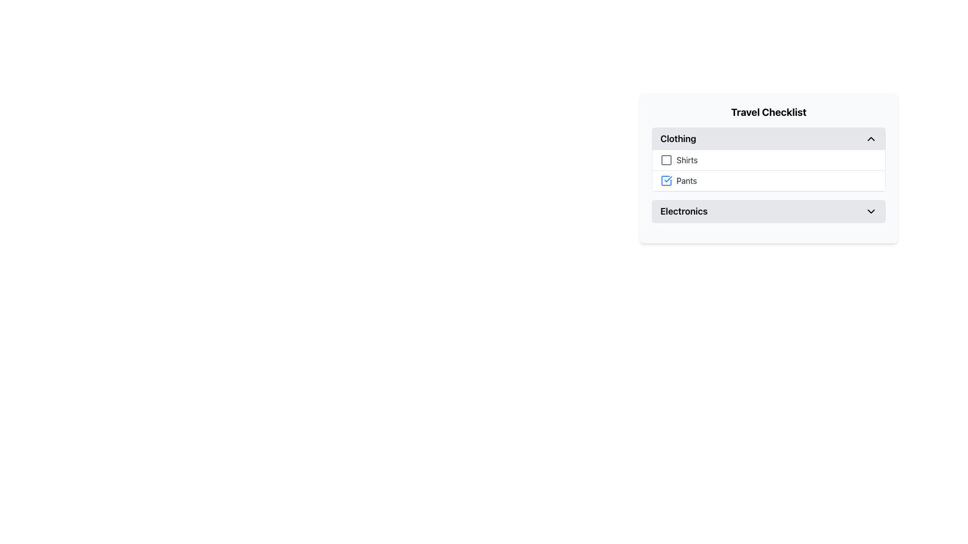  Describe the element at coordinates (768, 168) in the screenshot. I see `the checklist item located below the title 'Travel Checklist' and above the category 'Electronics'` at that location.